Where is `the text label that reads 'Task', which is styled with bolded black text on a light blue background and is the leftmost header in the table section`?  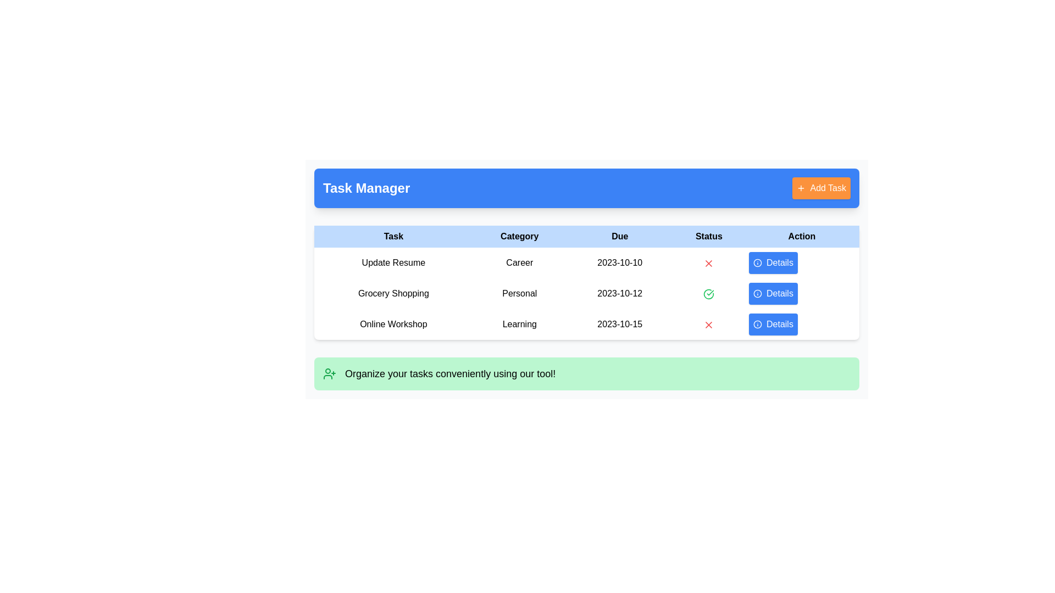
the text label that reads 'Task', which is styled with bolded black text on a light blue background and is the leftmost header in the table section is located at coordinates (393, 236).